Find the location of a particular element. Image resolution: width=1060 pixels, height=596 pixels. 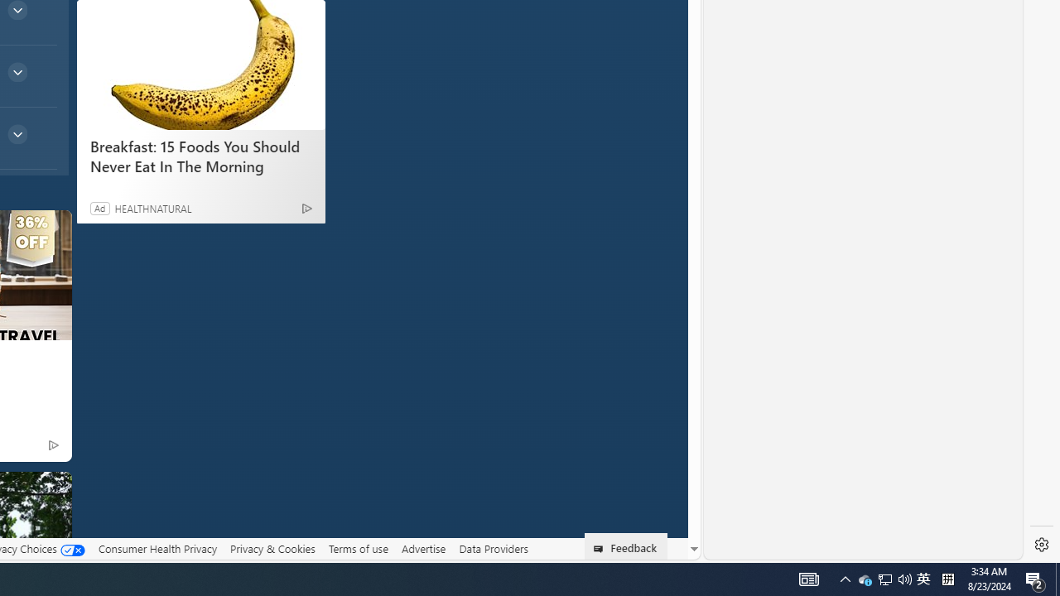

'Class: feedback_link_icon-DS-EntryPoint1-1' is located at coordinates (601, 549).